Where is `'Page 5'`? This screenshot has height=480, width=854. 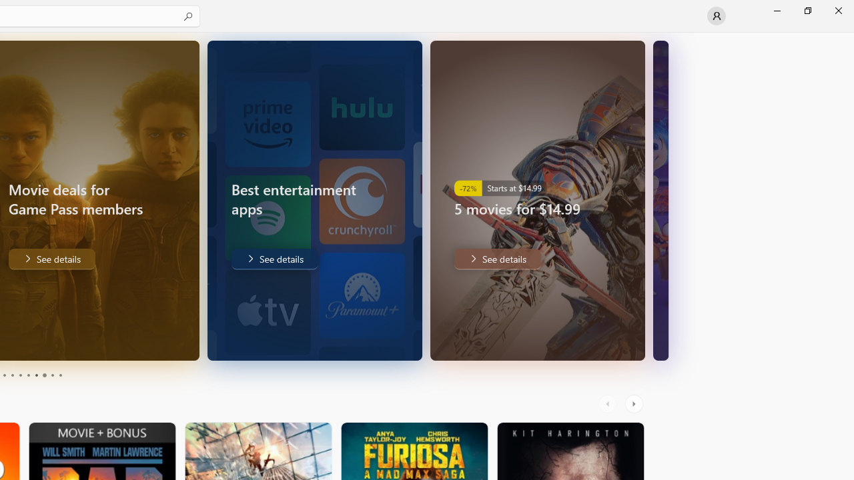 'Page 5' is located at coordinates (20, 375).